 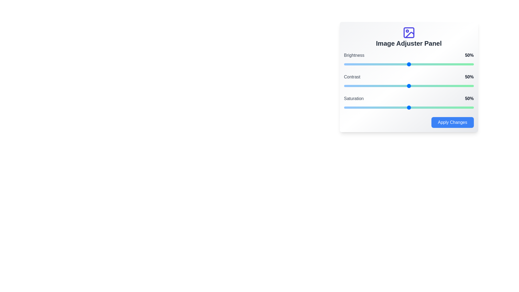 I want to click on the 'Apply Changes' button, so click(x=453, y=122).